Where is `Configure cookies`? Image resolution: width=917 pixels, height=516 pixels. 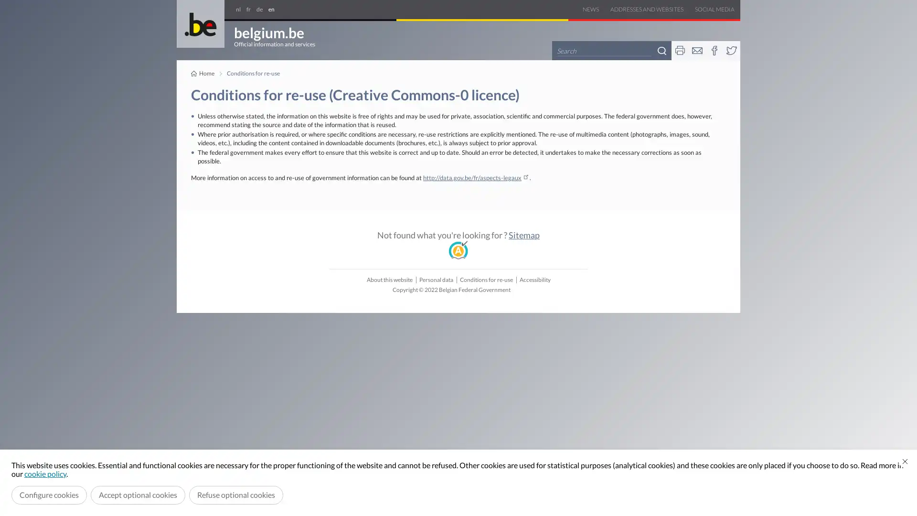
Configure cookies is located at coordinates (48, 494).